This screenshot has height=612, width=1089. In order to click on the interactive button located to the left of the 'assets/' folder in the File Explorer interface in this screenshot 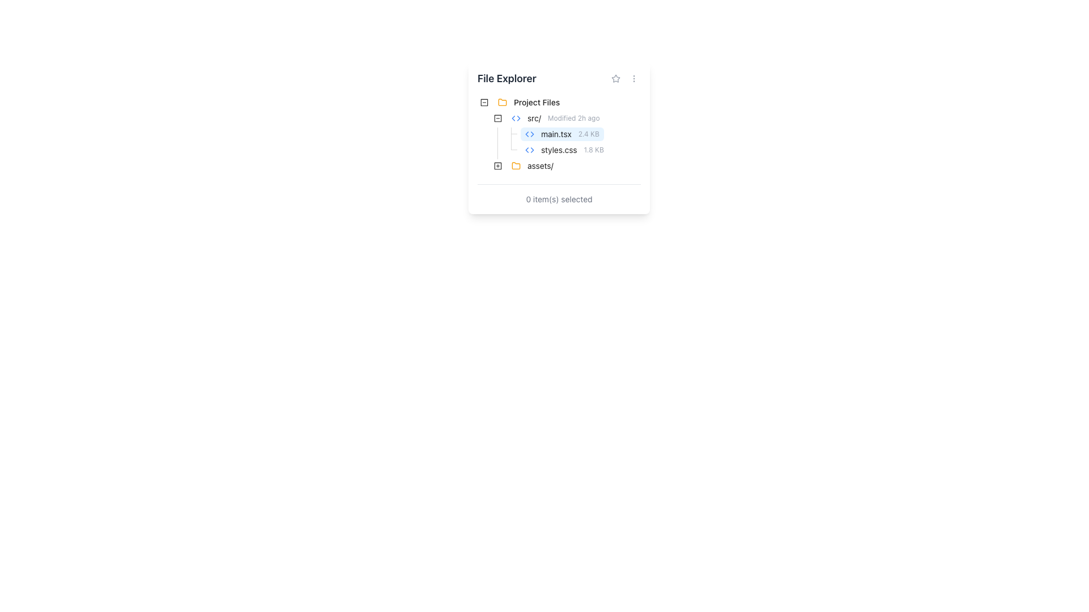, I will do `click(498, 166)`.